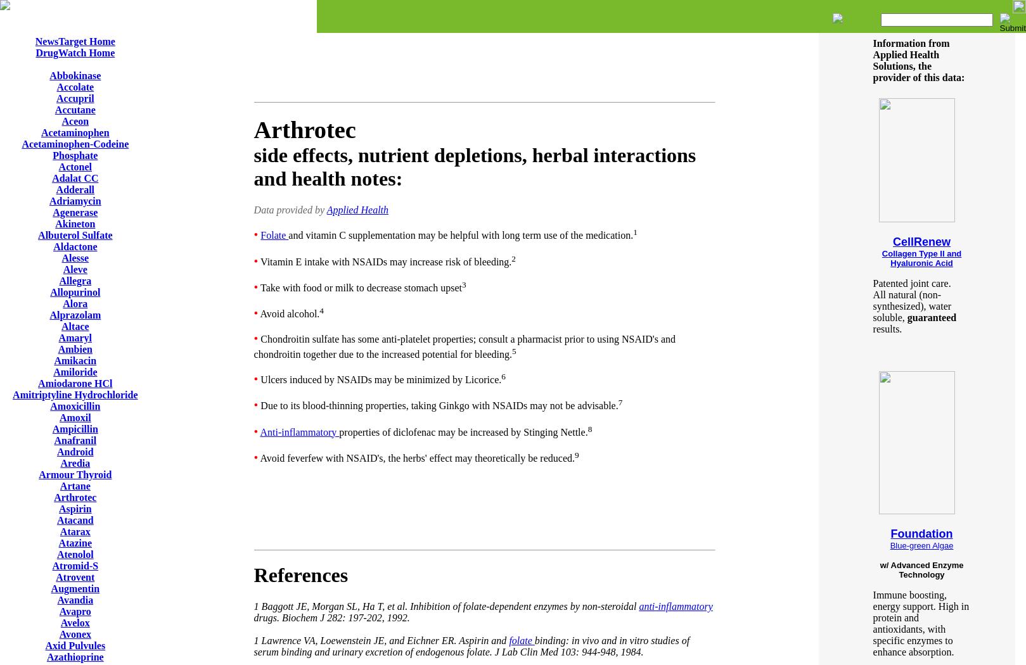 Image resolution: width=1026 pixels, height=665 pixels. What do you see at coordinates (75, 634) in the screenshot?
I see `'Avonex'` at bounding box center [75, 634].